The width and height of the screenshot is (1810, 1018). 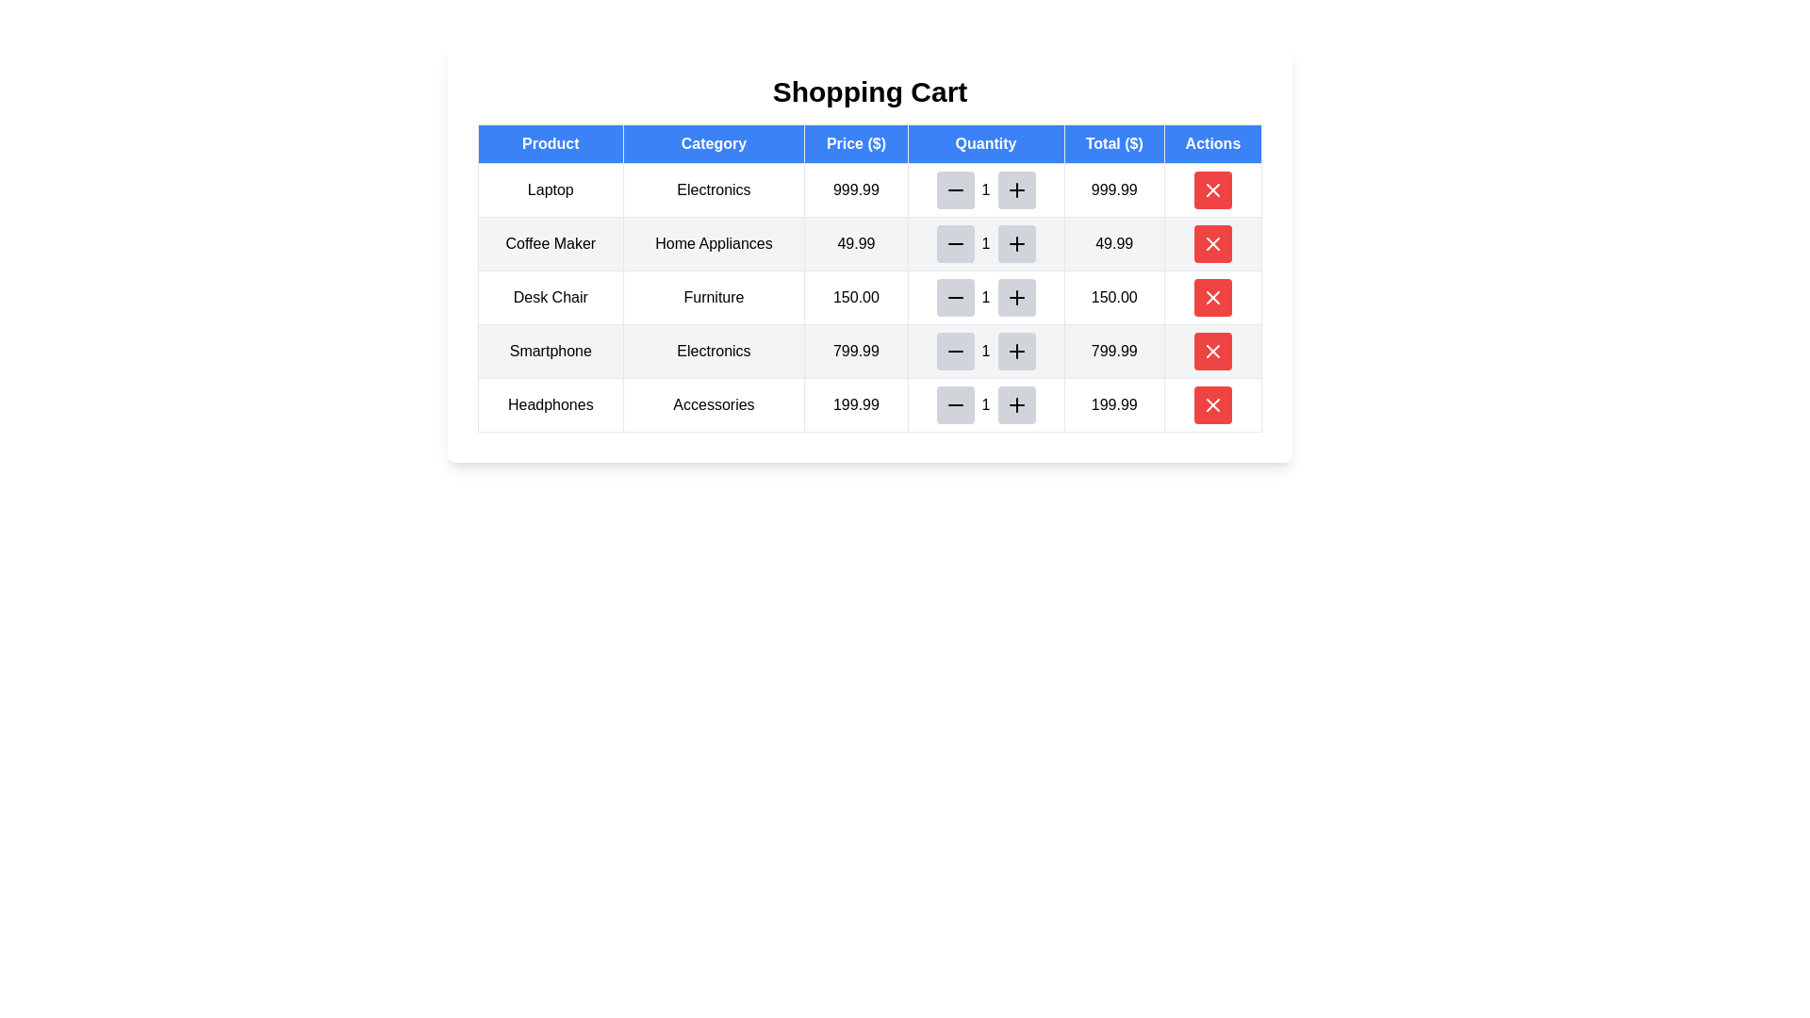 What do you see at coordinates (855, 143) in the screenshot?
I see `the Table Header Cell labeled 'Price ($)', which is a blue rectangular cell with white text, located in the third position of the header row in the table` at bounding box center [855, 143].